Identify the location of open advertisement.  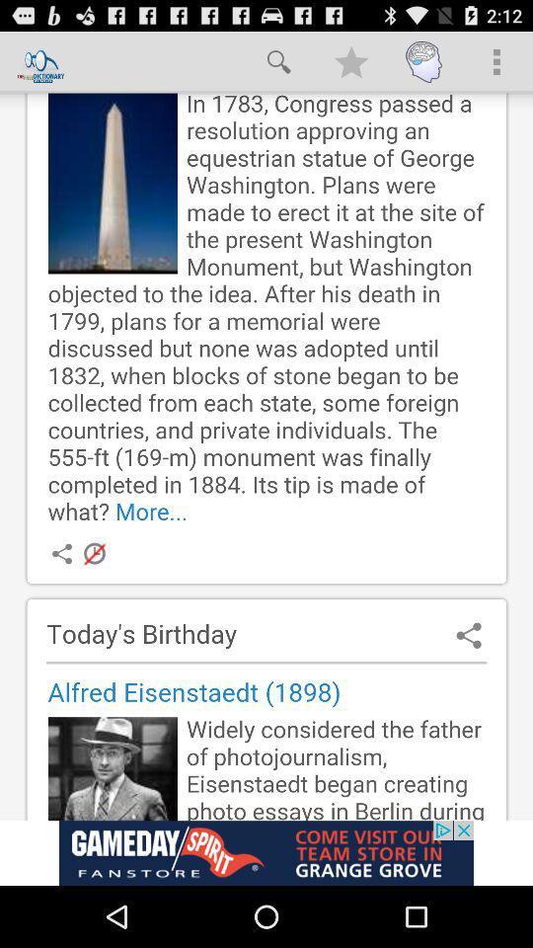
(266, 852).